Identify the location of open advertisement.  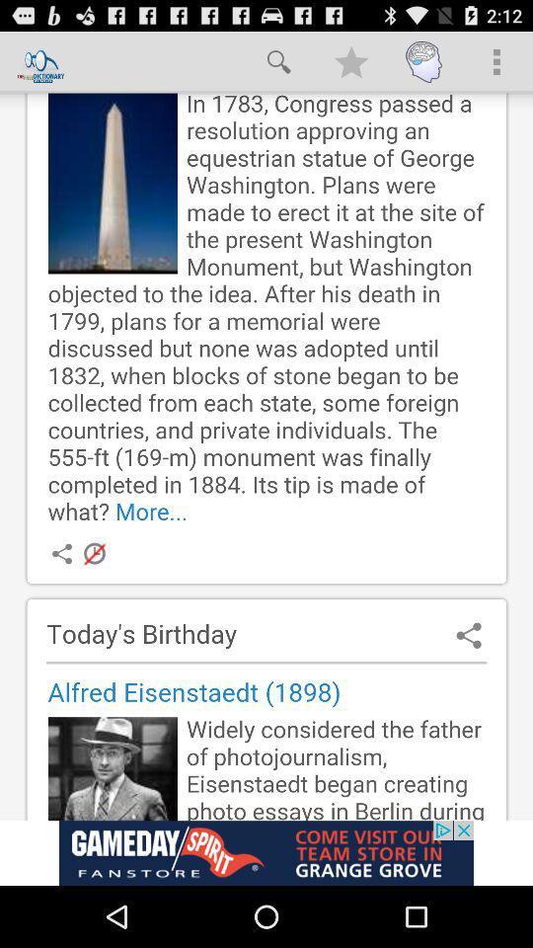
(266, 852).